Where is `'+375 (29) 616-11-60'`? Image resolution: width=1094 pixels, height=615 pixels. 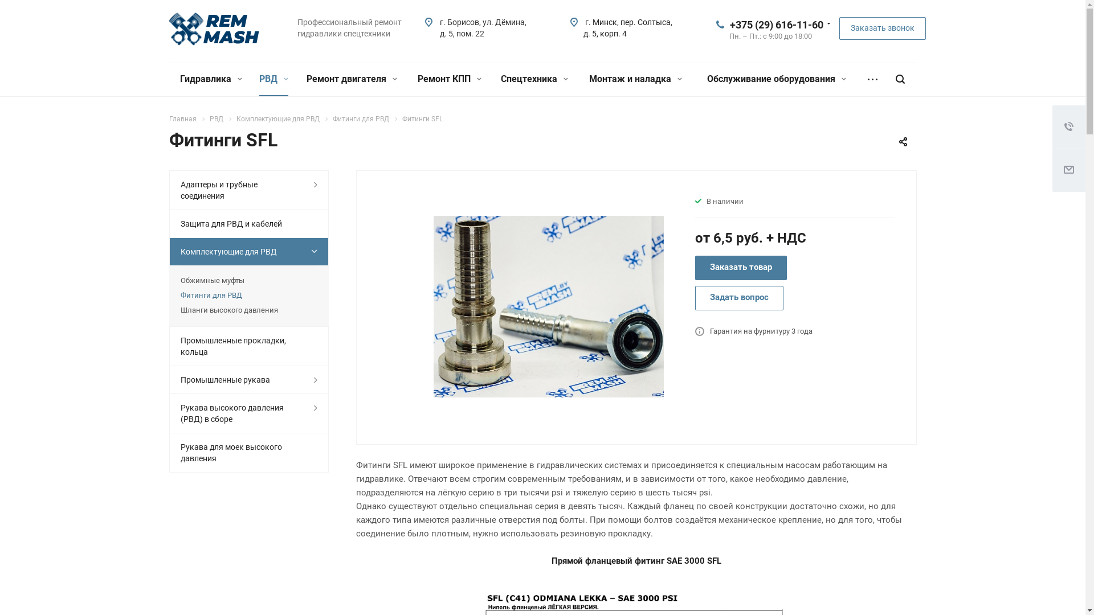 '+375 (29) 616-11-60' is located at coordinates (775, 24).